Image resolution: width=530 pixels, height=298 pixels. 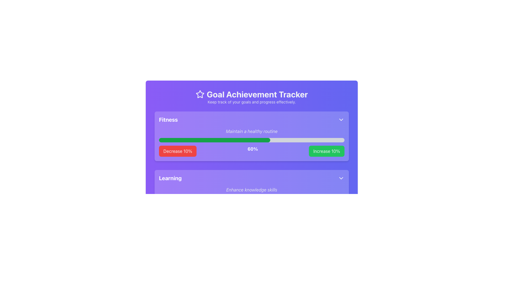 What do you see at coordinates (341, 178) in the screenshot?
I see `the Dropdown indicator icon located` at bounding box center [341, 178].